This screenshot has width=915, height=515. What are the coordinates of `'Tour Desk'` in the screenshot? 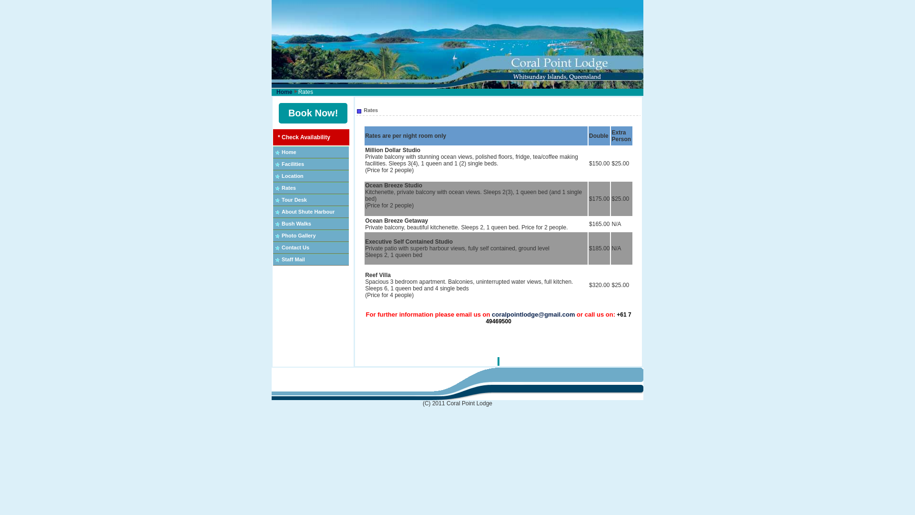 It's located at (294, 199).